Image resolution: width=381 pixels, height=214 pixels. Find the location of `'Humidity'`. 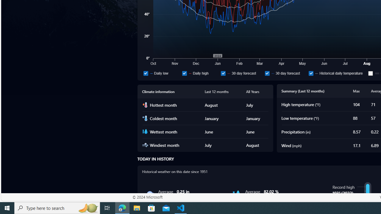

'Humidity' is located at coordinates (236, 194).